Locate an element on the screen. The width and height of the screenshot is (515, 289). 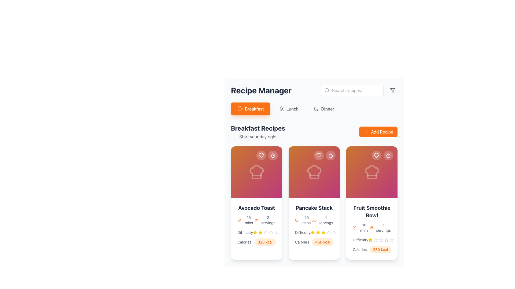
the icon representing nighttime settings located in the header area, near the 'Lunch' option is located at coordinates (316, 109).